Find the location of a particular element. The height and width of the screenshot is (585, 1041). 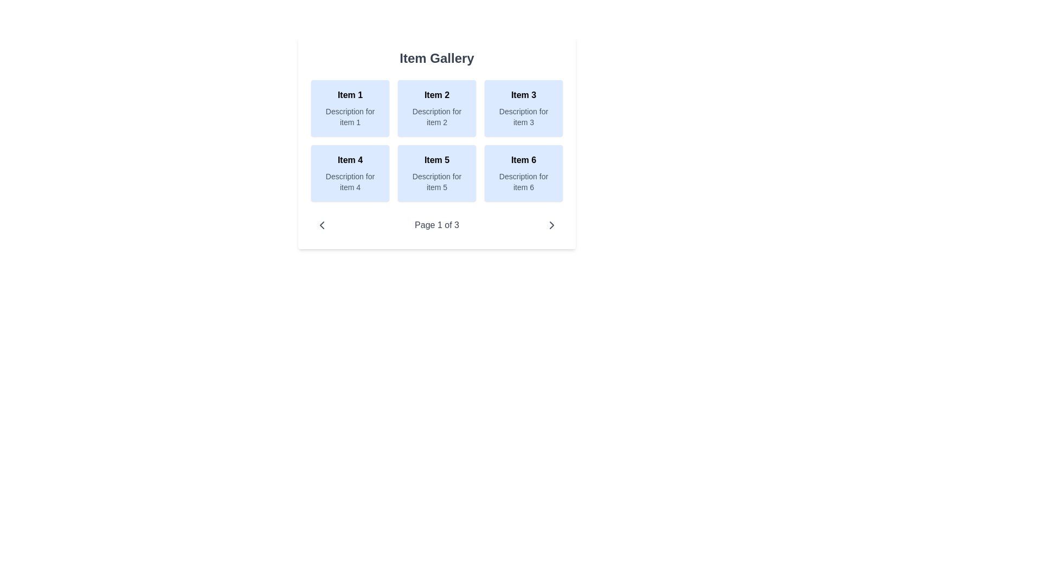

the text label indicating the name or title of the sixth item in the grid, located in the bottom-right corner of the grid layout is located at coordinates (523, 160).